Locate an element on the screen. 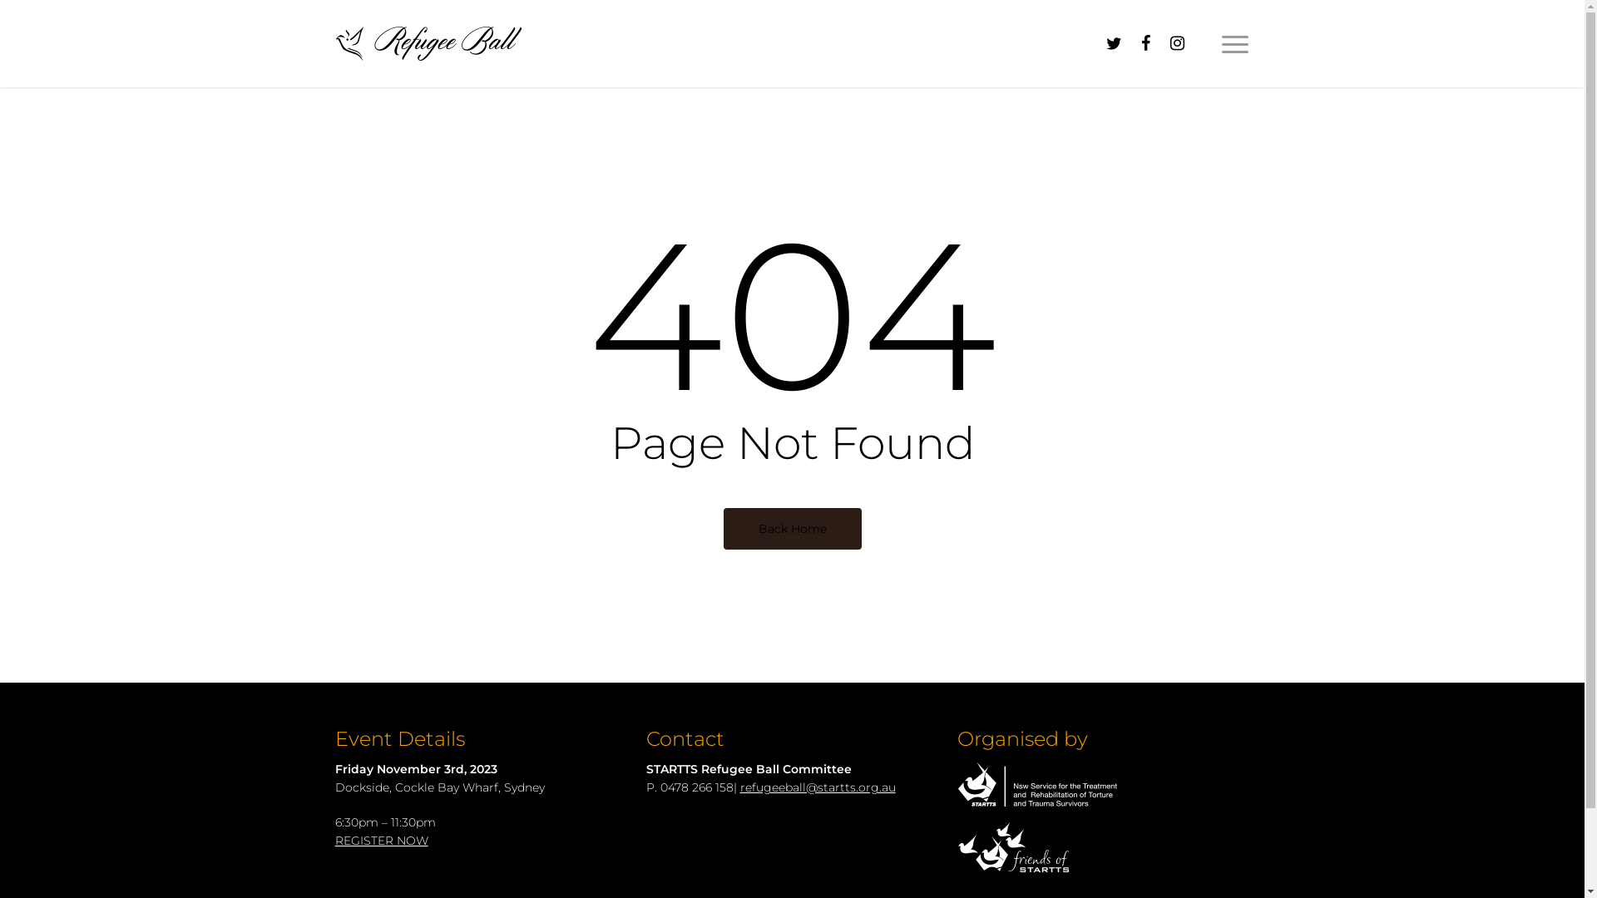 The width and height of the screenshot is (1597, 898). 'instagram' is located at coordinates (1176, 42).